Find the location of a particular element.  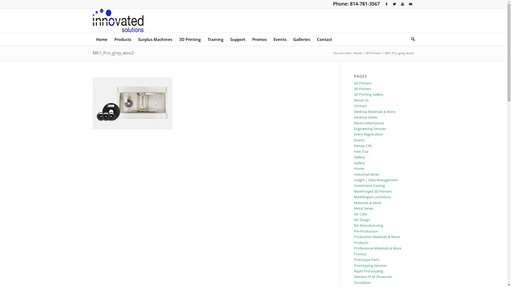

'Pre-Production' is located at coordinates (366, 231).